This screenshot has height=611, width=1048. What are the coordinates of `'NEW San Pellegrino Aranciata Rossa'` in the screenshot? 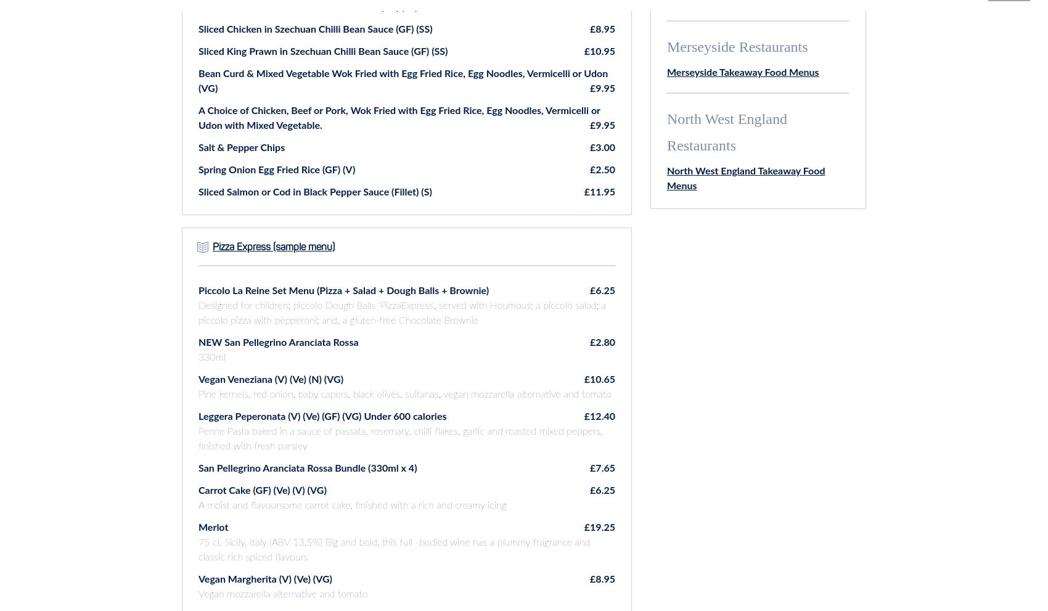 It's located at (278, 341).